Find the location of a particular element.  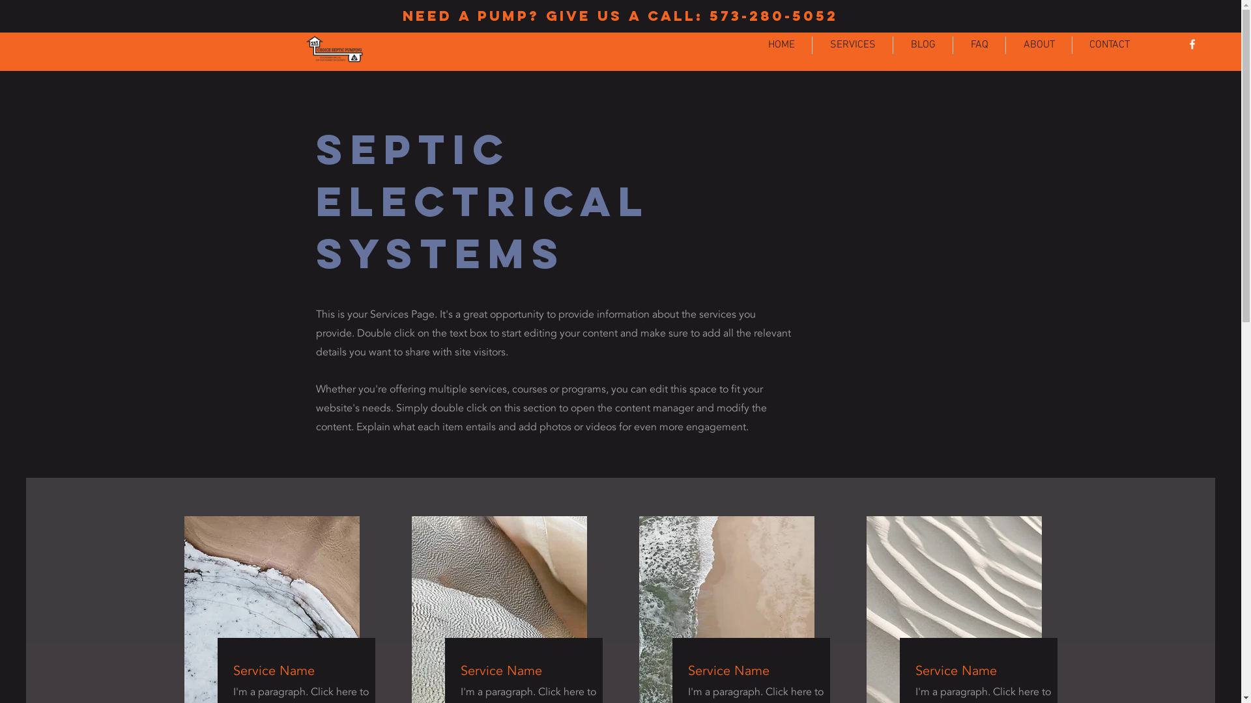

'HOME' is located at coordinates (781, 44).